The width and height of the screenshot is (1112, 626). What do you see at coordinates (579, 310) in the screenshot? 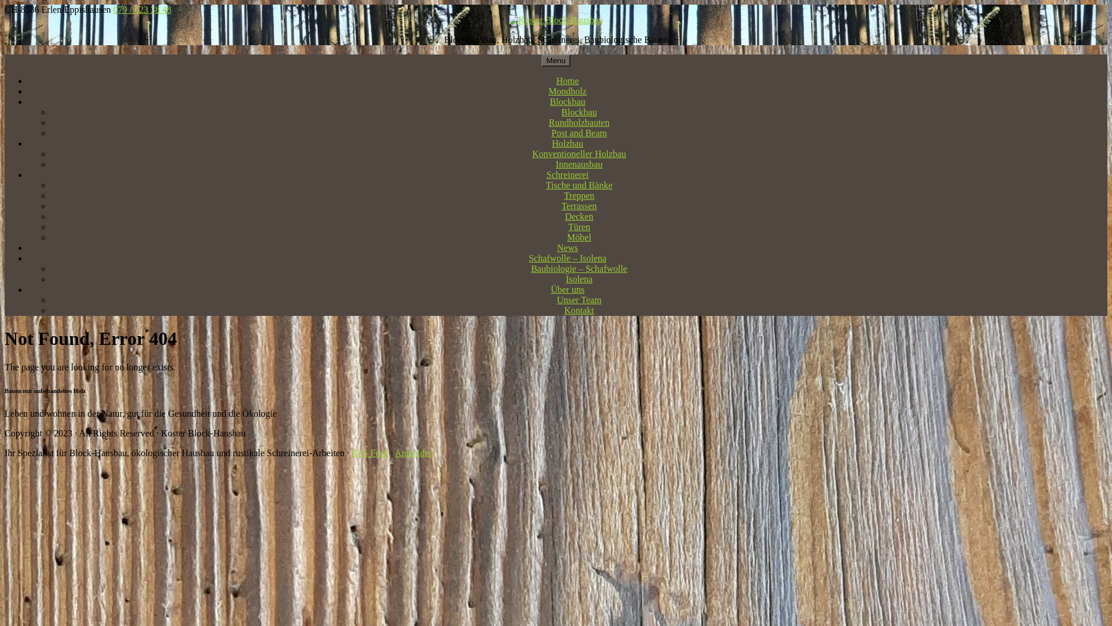
I see `'Kontakt'` at bounding box center [579, 310].